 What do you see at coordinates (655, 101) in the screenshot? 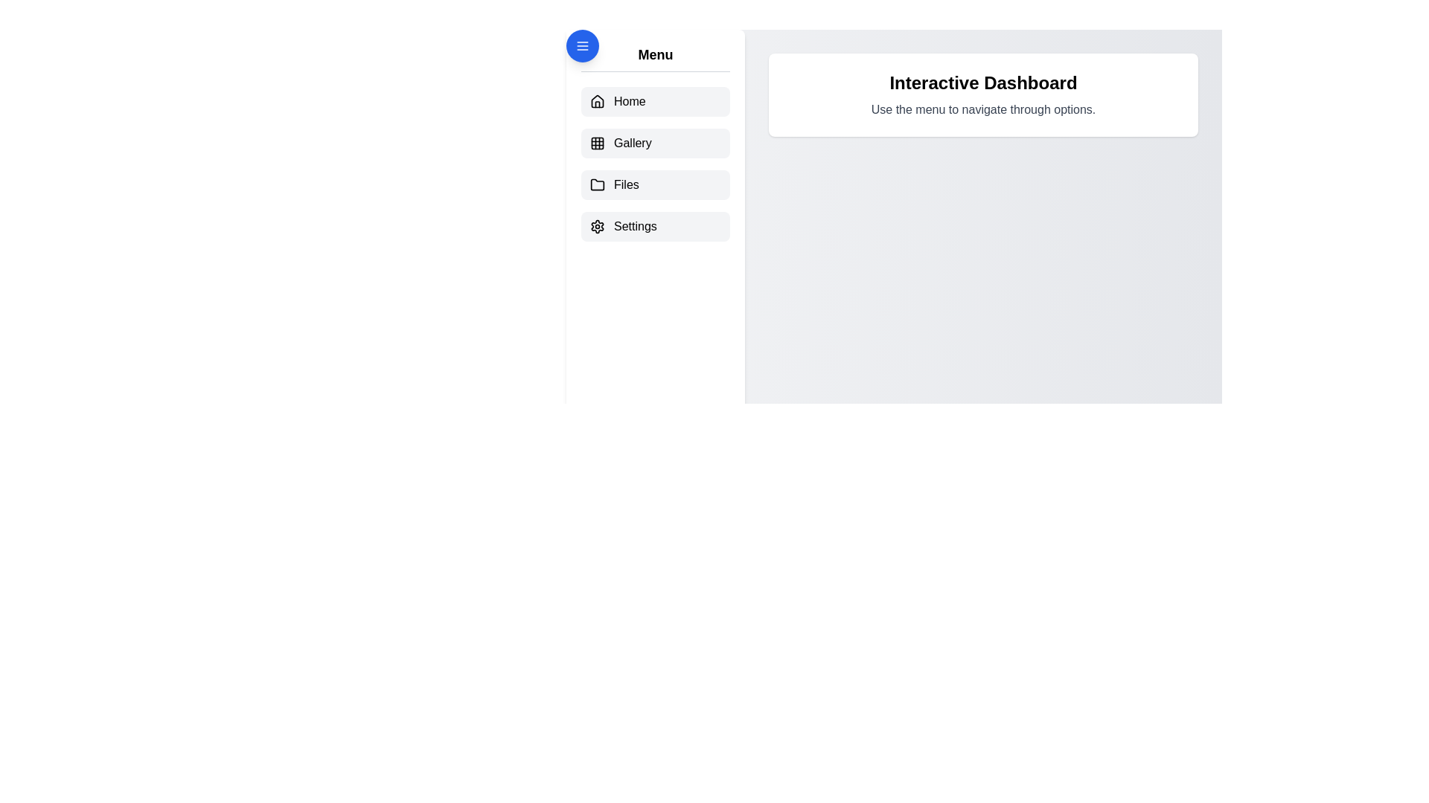
I see `the menu item labeled Home` at bounding box center [655, 101].